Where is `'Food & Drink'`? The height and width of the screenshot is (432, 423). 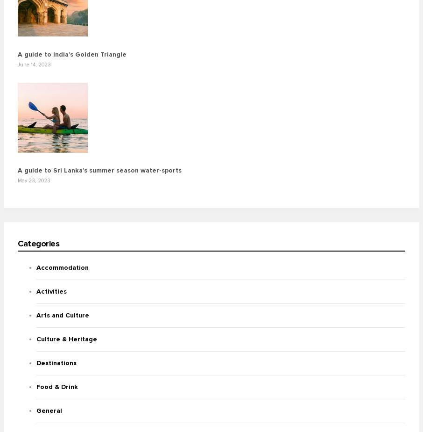
'Food & Drink' is located at coordinates (36, 387).